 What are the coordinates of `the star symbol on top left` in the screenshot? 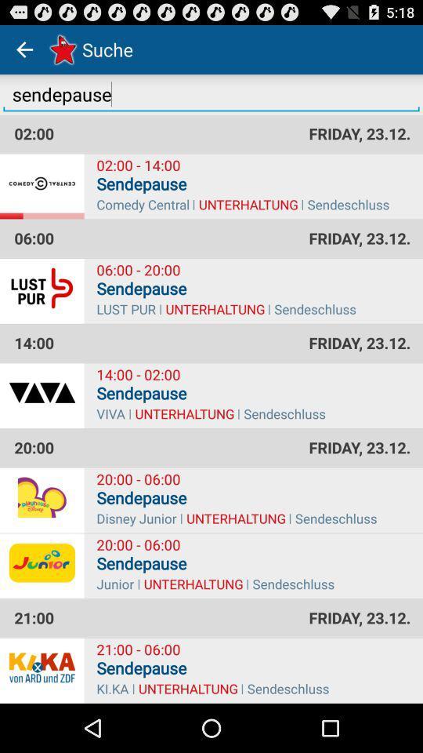 It's located at (60, 49).